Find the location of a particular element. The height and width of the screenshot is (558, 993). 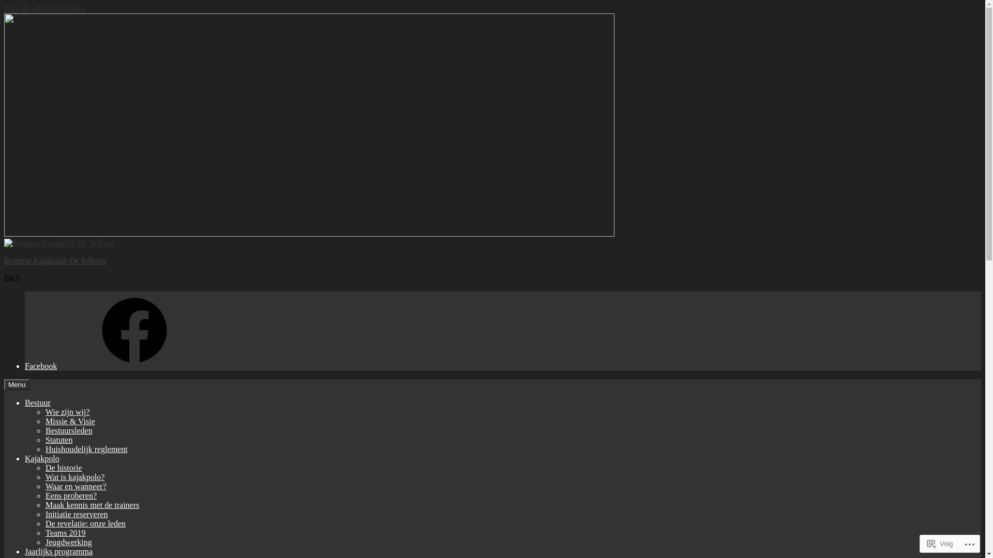

'Bestuursleden' is located at coordinates (68, 430).